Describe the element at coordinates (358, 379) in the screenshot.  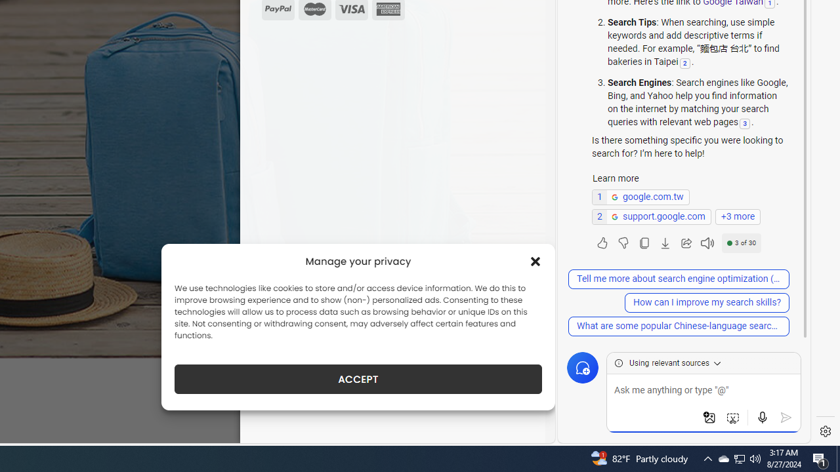
I see `'ACCEPT'` at that location.